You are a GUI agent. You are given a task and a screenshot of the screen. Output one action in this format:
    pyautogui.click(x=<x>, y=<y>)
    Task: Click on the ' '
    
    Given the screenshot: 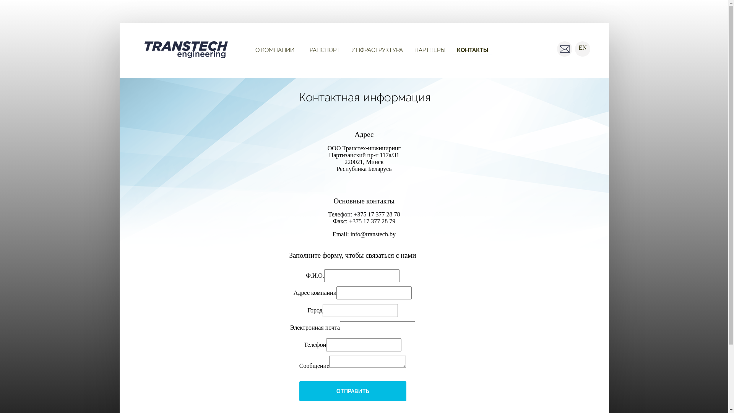 What is the action you would take?
    pyautogui.click(x=564, y=49)
    